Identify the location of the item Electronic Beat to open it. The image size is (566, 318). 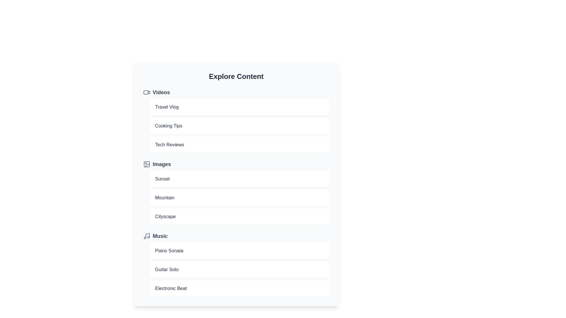
(240, 288).